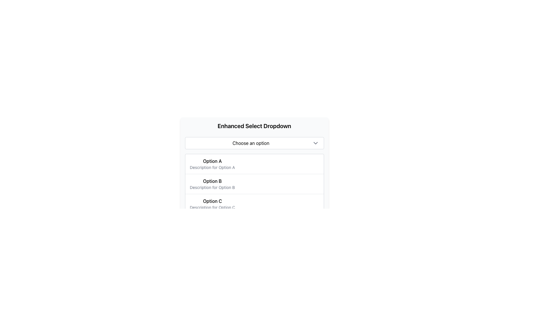  What do you see at coordinates (212, 161) in the screenshot?
I see `the bold-text label displaying 'Option A' located in the first row of the dropdown options, slightly to the left and aligned with other option labels` at bounding box center [212, 161].